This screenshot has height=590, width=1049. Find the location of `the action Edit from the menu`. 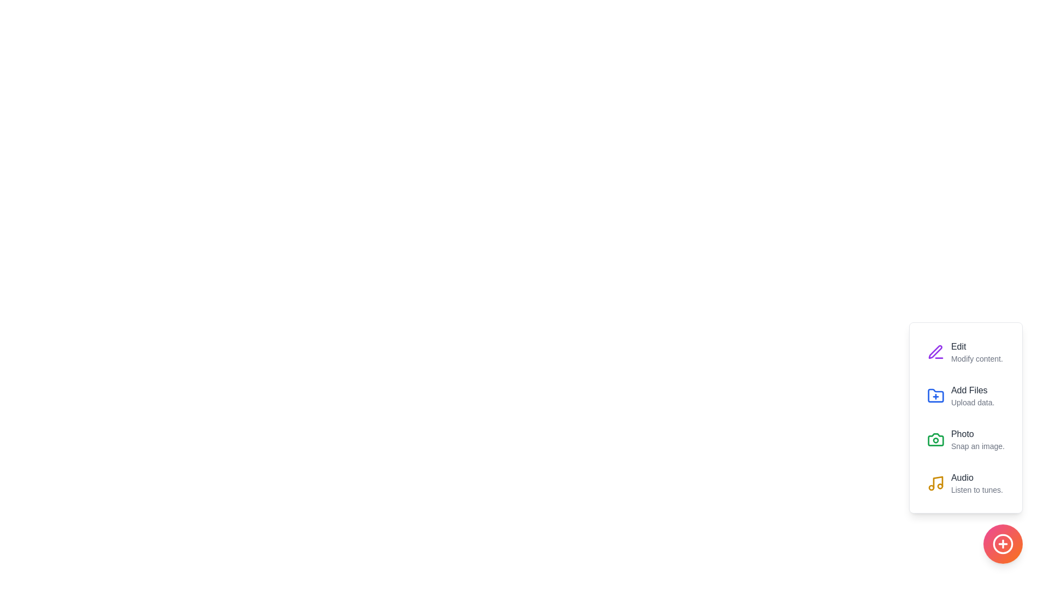

the action Edit from the menu is located at coordinates (935, 352).